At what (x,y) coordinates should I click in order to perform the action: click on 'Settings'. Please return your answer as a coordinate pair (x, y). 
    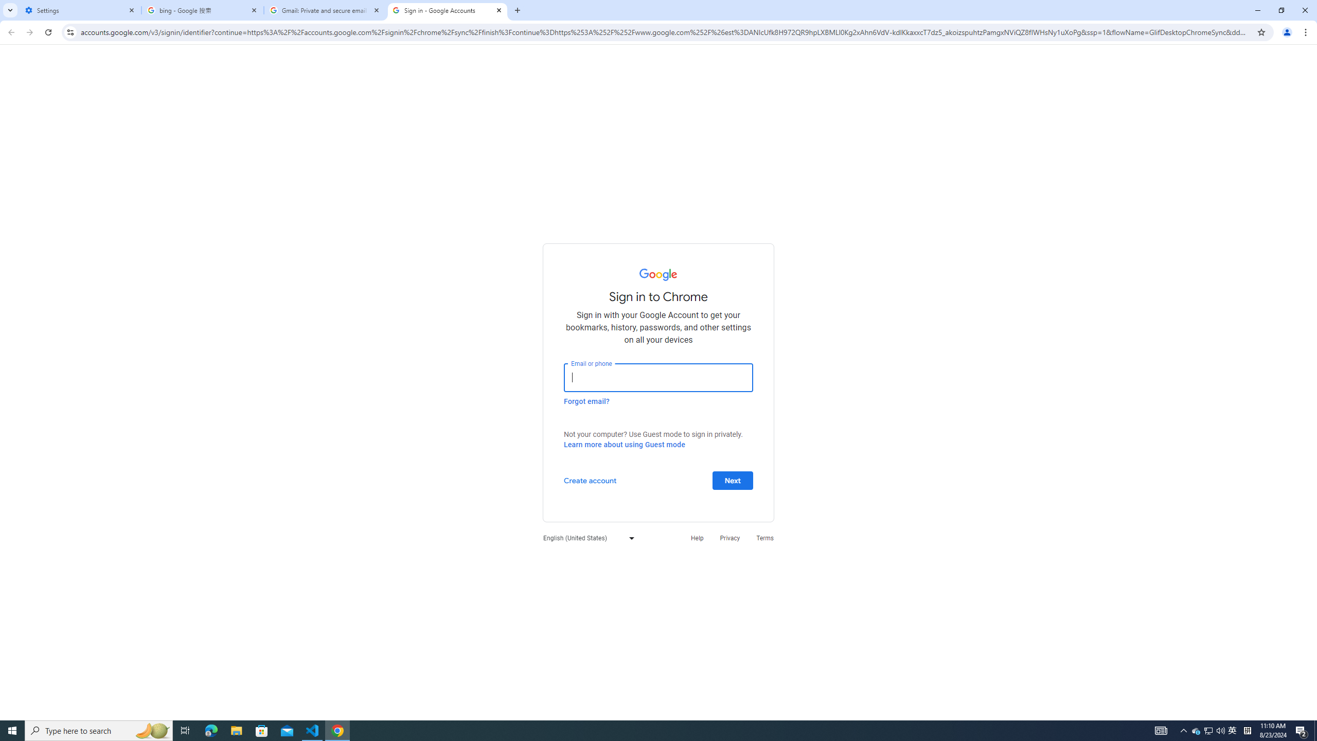
    Looking at the image, I should click on (80, 10).